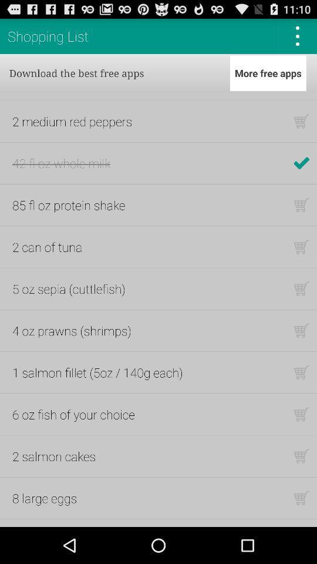 This screenshot has height=564, width=317. Describe the element at coordinates (53, 455) in the screenshot. I see `the 2 salmon cakes app` at that location.